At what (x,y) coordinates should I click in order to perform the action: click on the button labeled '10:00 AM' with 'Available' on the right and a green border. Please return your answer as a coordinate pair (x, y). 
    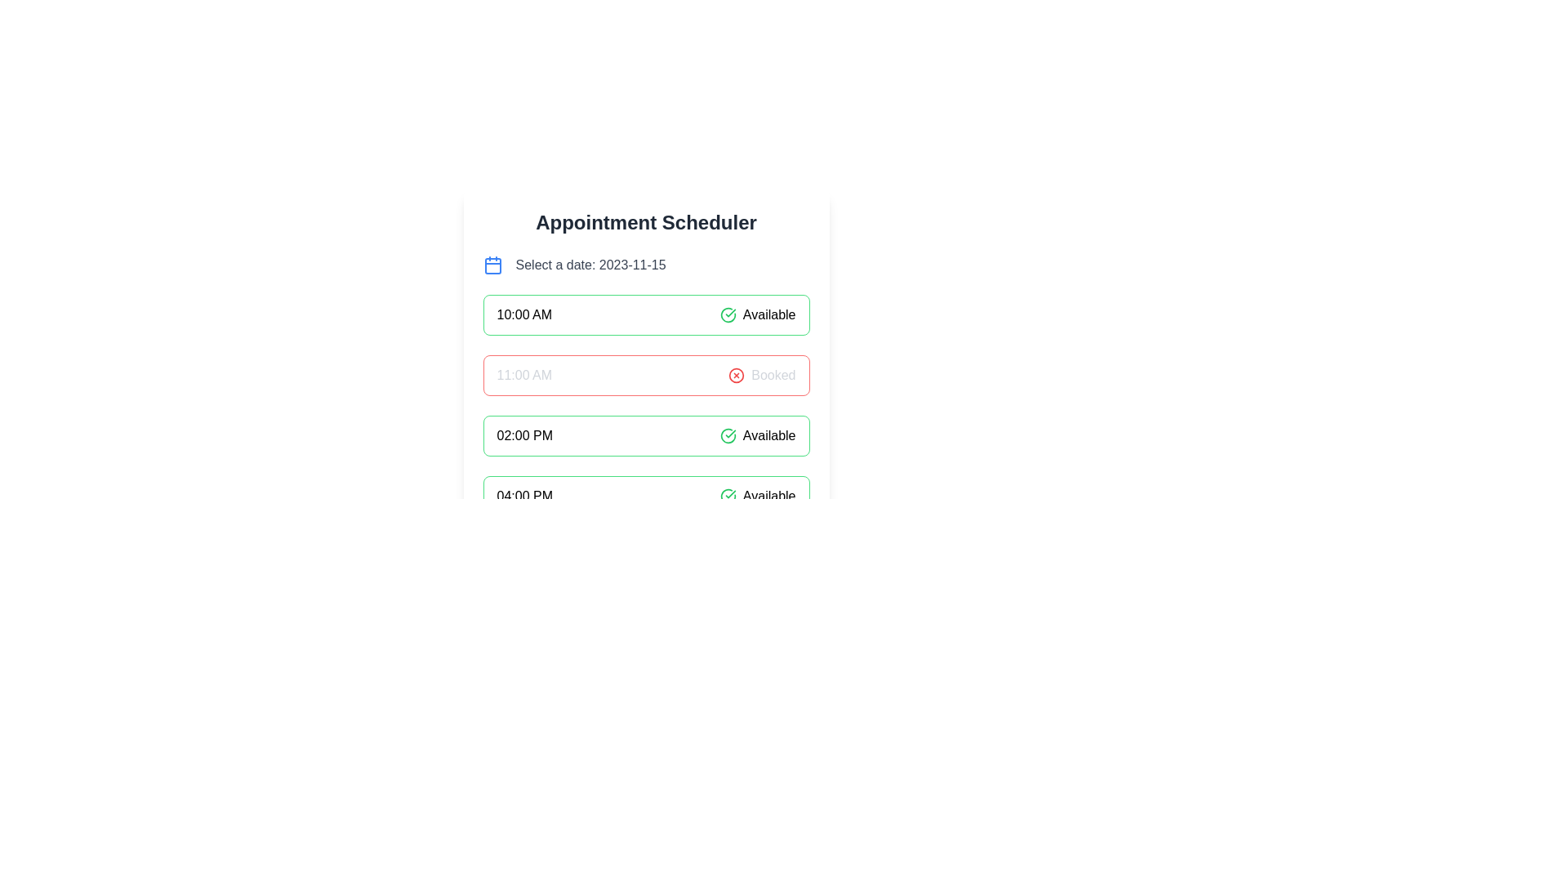
    Looking at the image, I should click on (645, 314).